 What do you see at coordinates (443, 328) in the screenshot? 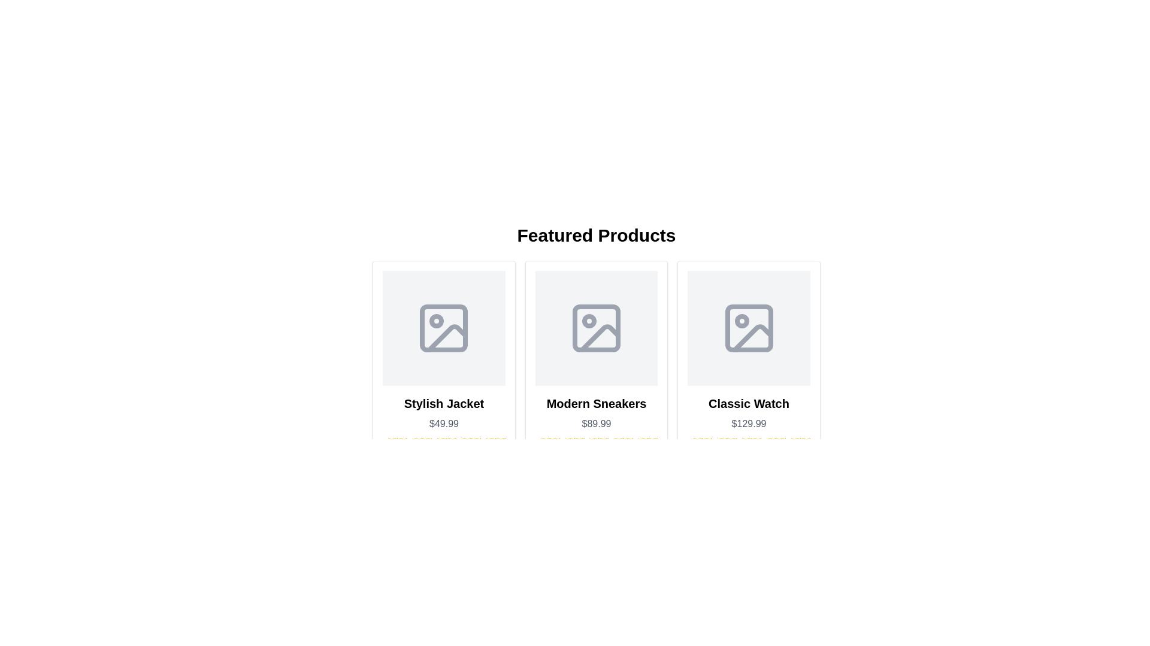
I see `the image placeholder located at the top of the 'Stylish Jacket' product card to associate it with product representation` at bounding box center [443, 328].